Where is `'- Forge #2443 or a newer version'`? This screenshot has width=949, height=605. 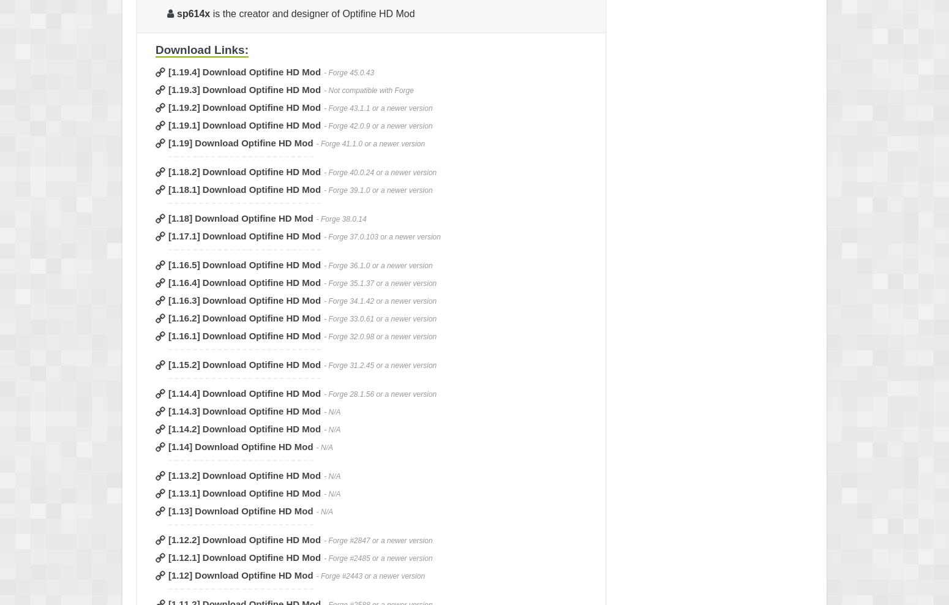
'- Forge #2443 or a newer version' is located at coordinates (370, 576).